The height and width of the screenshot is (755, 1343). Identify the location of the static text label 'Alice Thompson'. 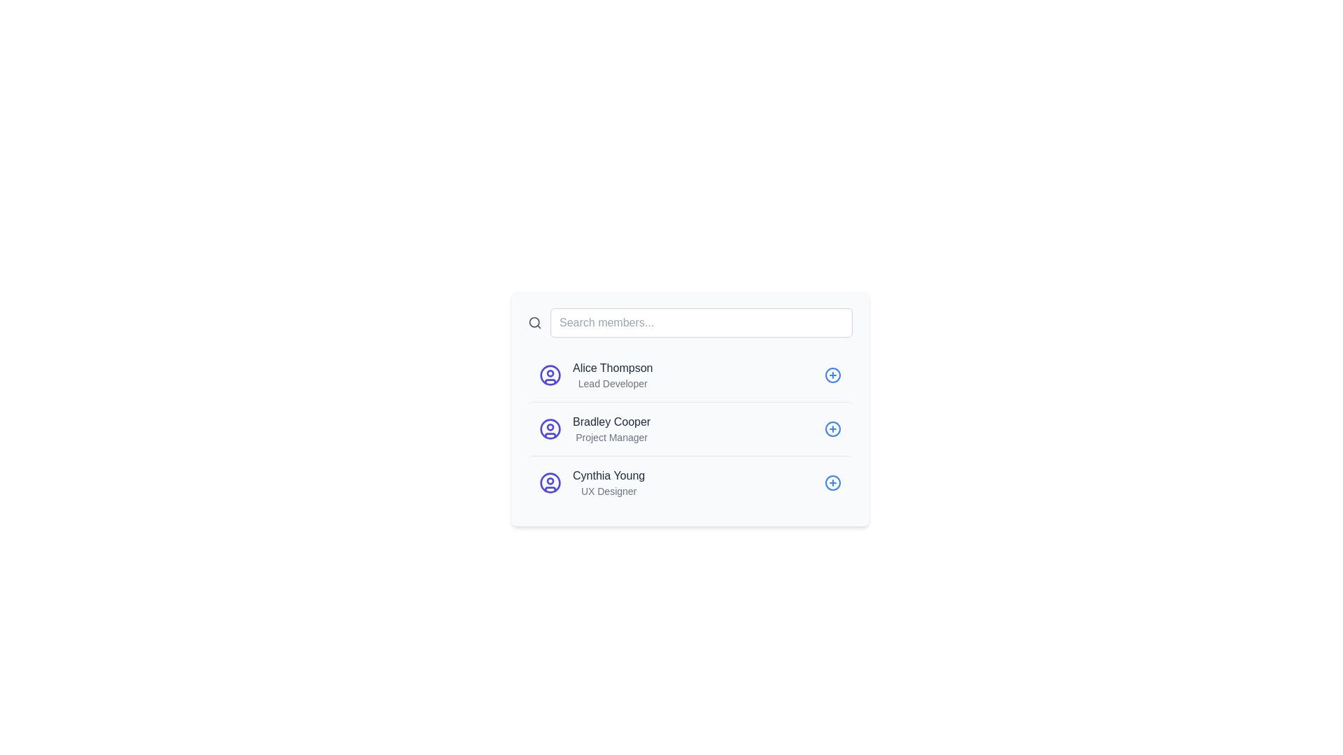
(613, 368).